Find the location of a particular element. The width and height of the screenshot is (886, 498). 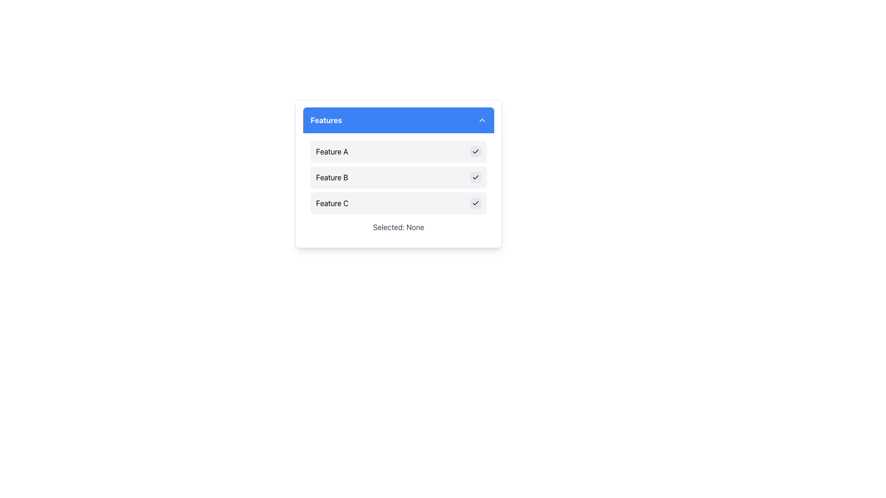

the toggle button (chevron icon) located at the far right of the horizontal blue bar titled 'Features' is located at coordinates (482, 120).